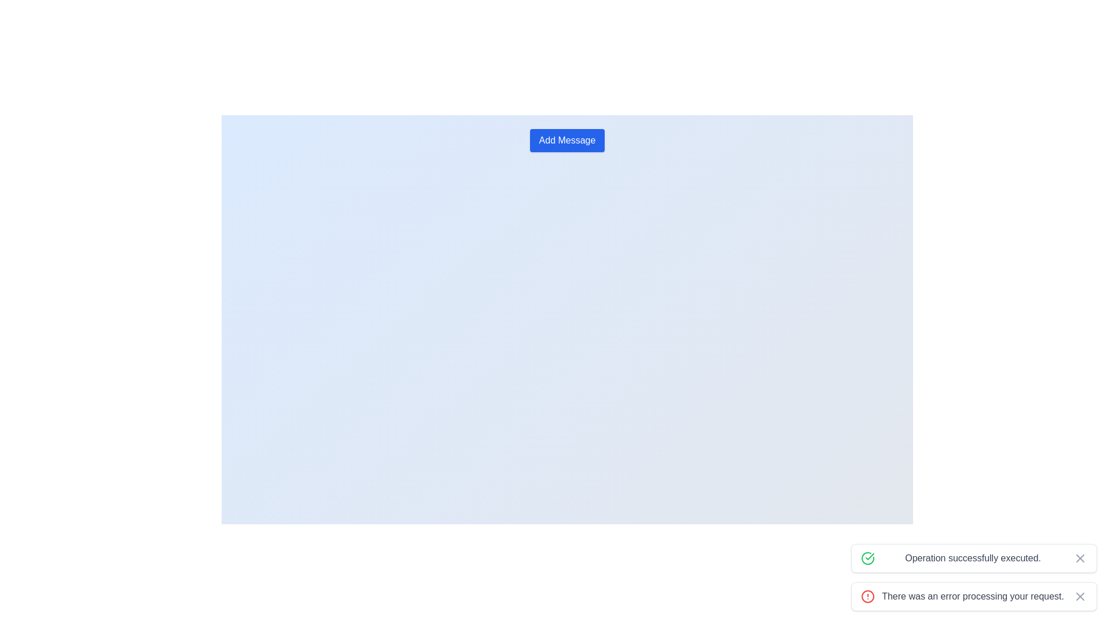  I want to click on the outer circular boundary of the checkmark icon, which is styled in green and located in the lower-right corner of the interface, so click(868, 557).